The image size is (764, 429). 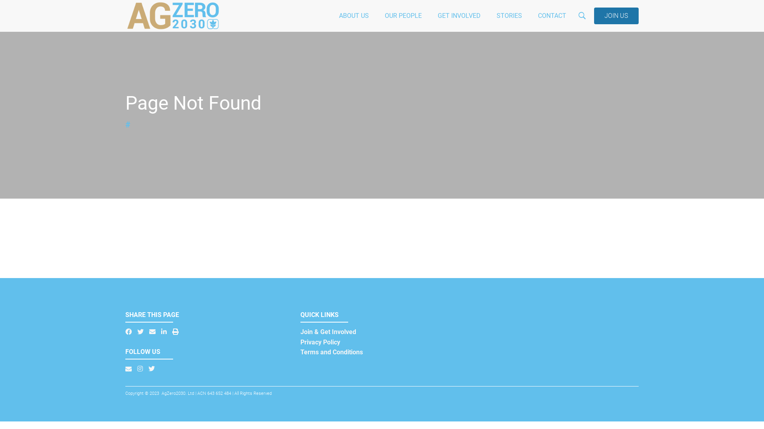 I want to click on 'Facebook', so click(x=128, y=331).